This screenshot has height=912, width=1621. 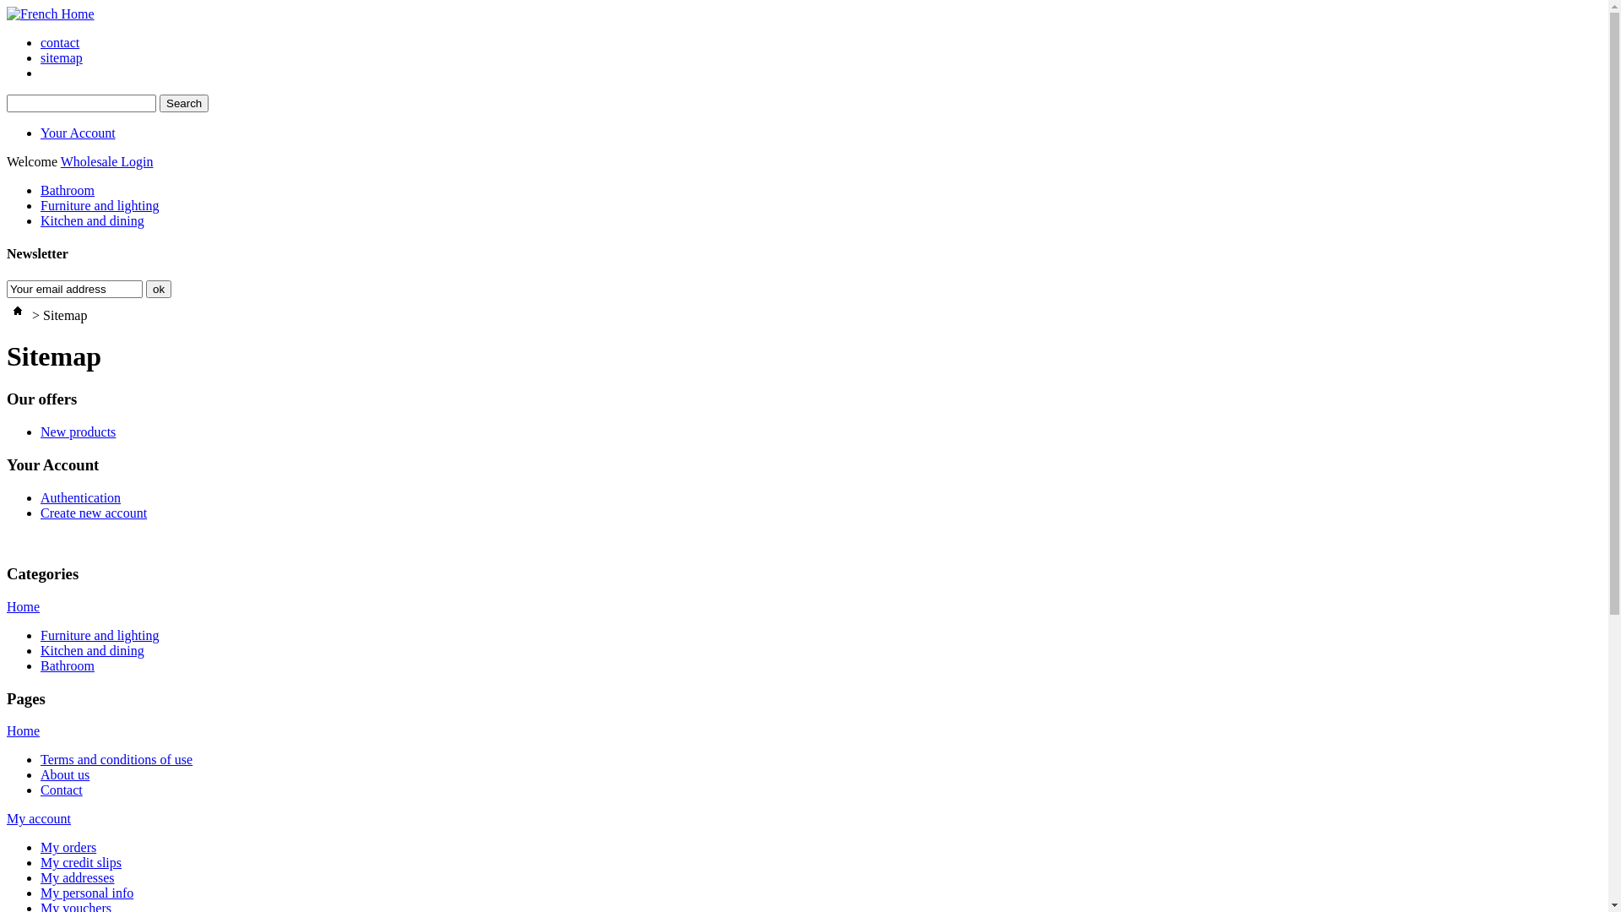 I want to click on 'French Home', so click(x=50, y=14).